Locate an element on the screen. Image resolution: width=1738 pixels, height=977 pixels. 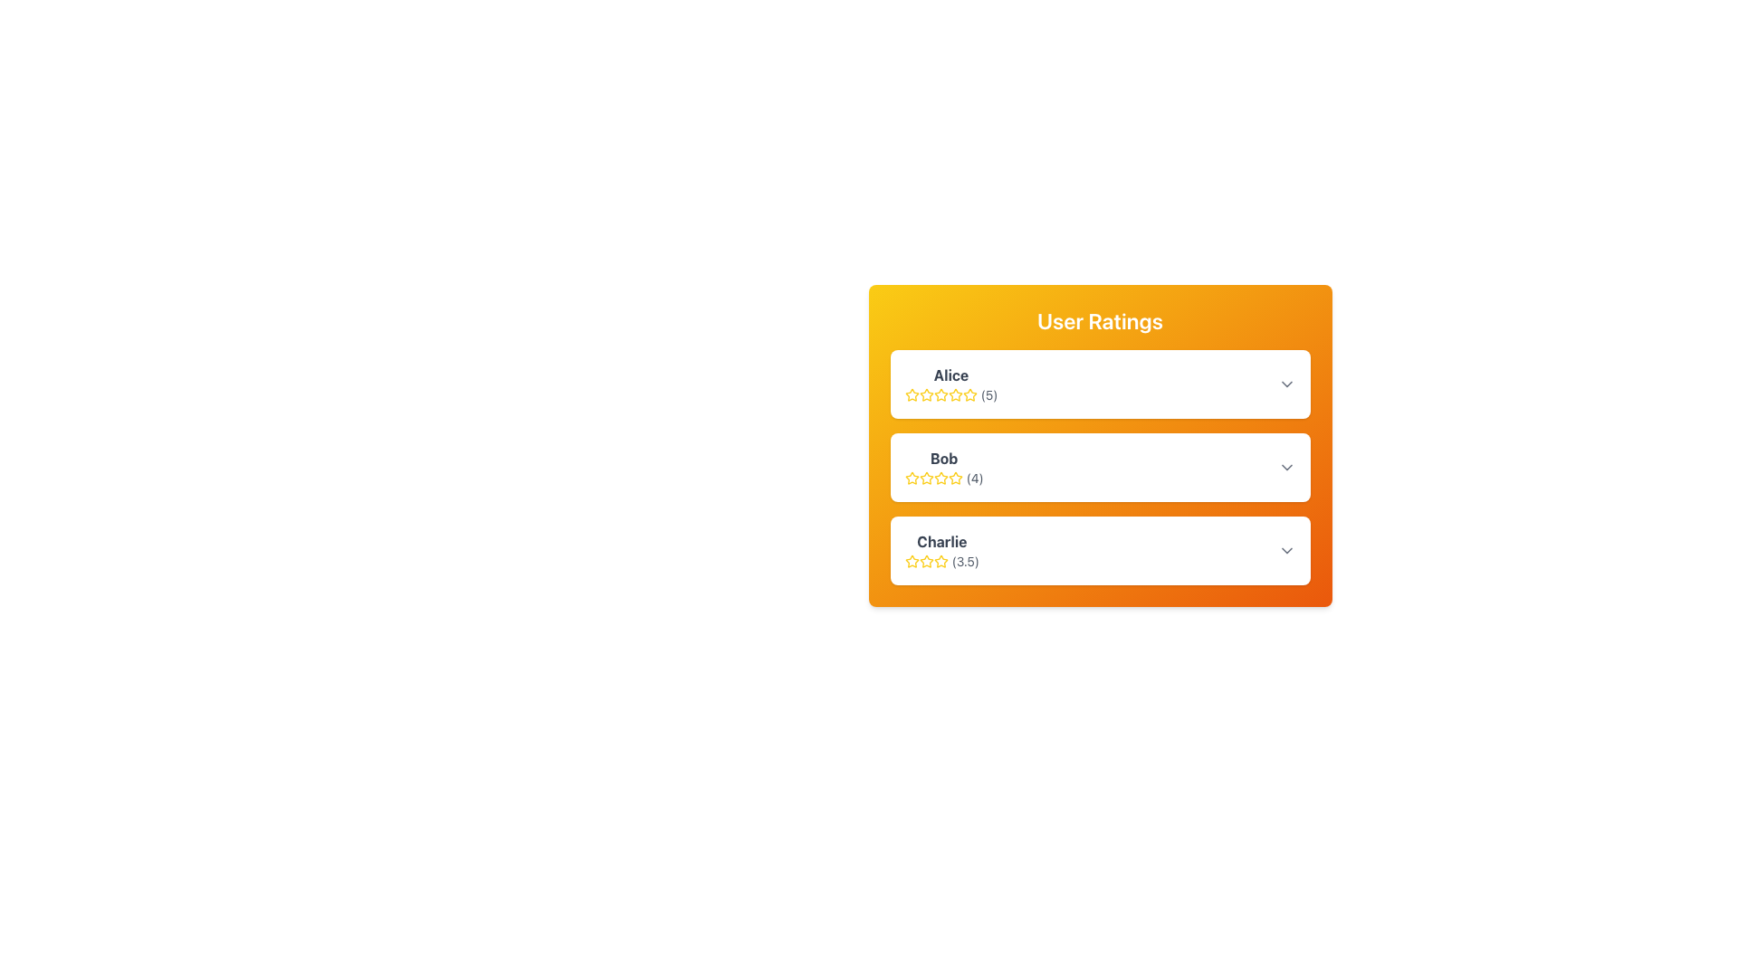
the bold-text label displaying the name 'Alice' in the 'User Ratings' section of the ratings card, which is styled with a dark gray color is located at coordinates (950, 375).